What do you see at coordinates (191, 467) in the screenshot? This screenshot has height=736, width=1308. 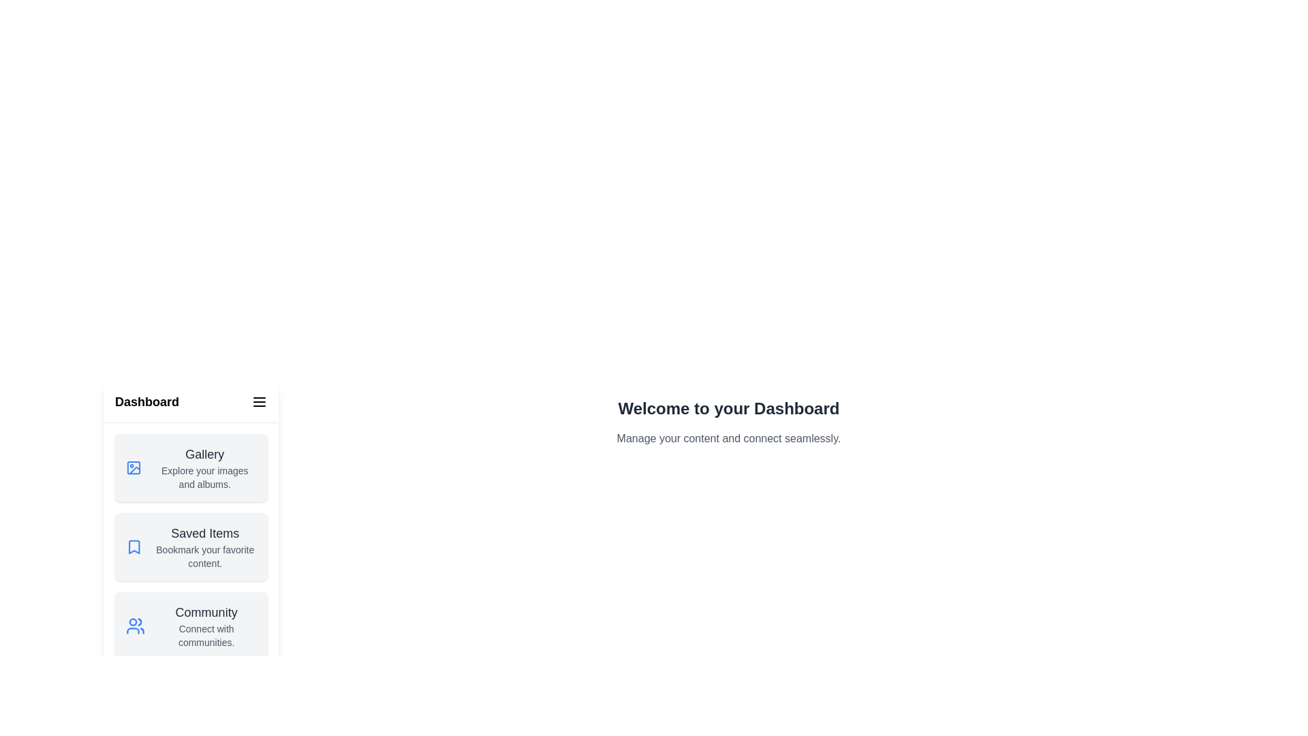 I see `the section Gallery to observe its hover effect` at bounding box center [191, 467].